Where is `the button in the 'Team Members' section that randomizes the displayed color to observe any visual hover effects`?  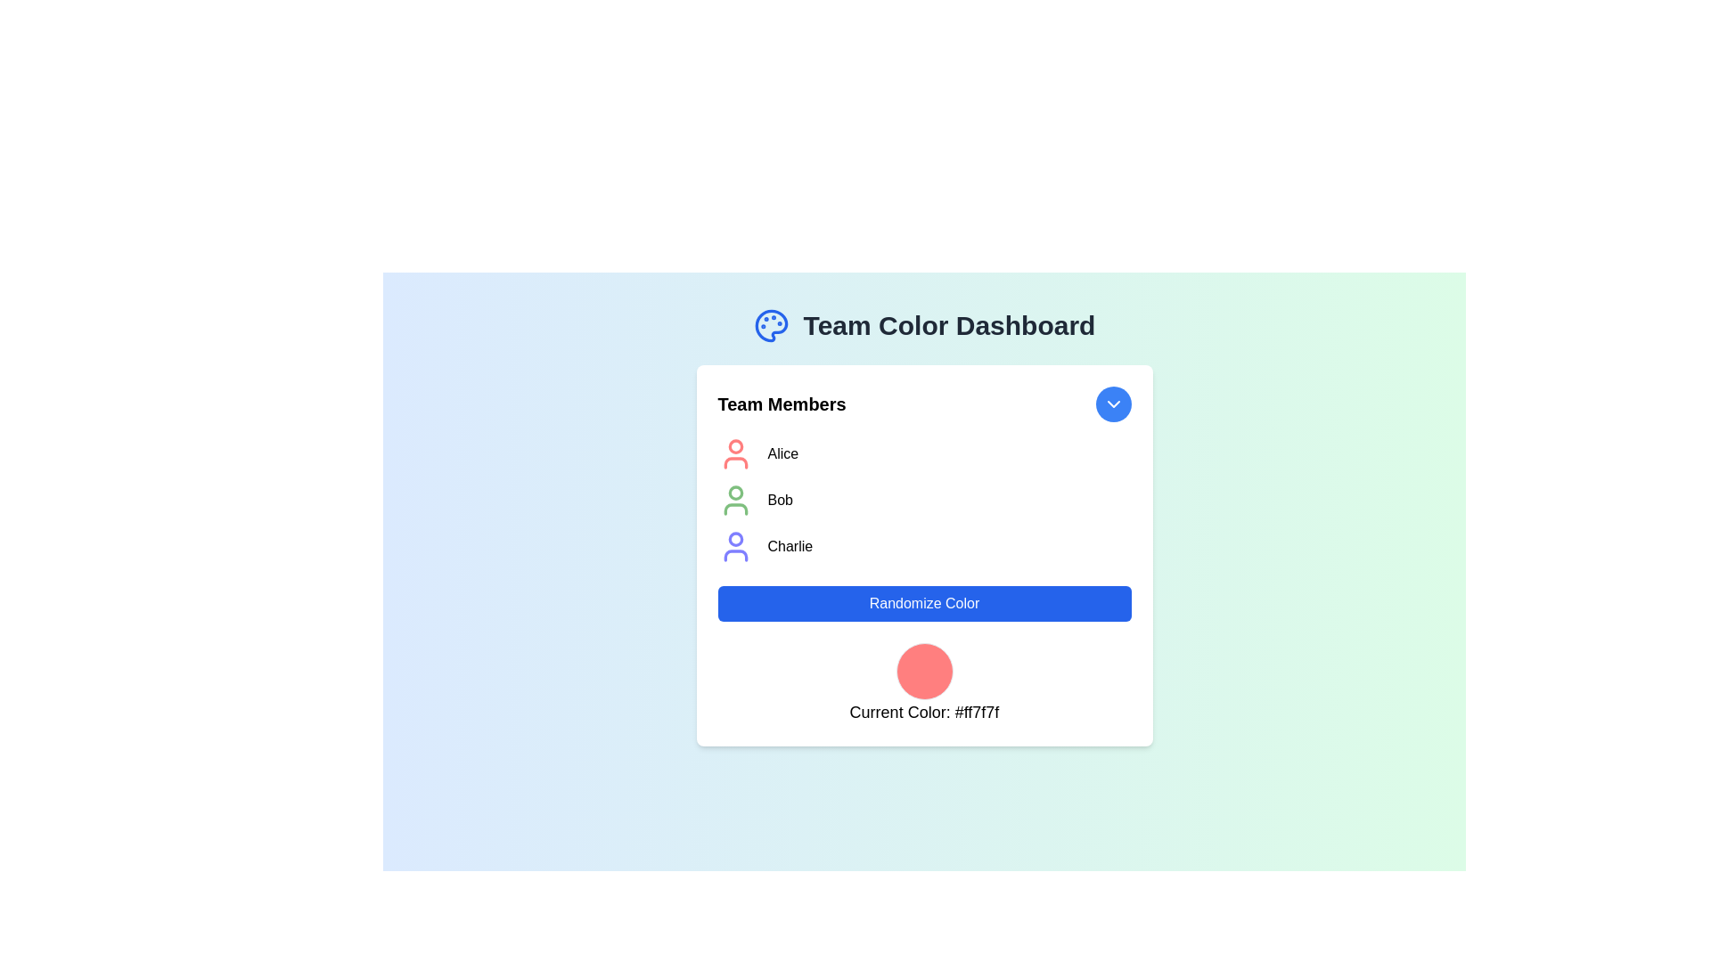 the button in the 'Team Members' section that randomizes the displayed color to observe any visual hover effects is located at coordinates (924, 603).